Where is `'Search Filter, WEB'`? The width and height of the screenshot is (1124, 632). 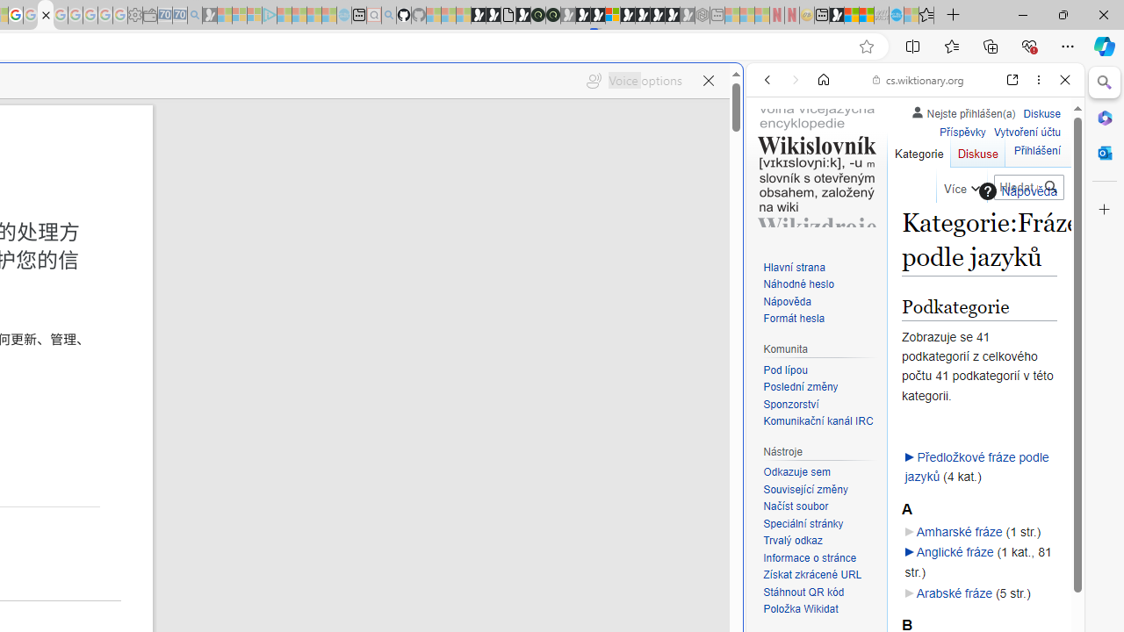
'Search Filter, WEB' is located at coordinates (774, 199).